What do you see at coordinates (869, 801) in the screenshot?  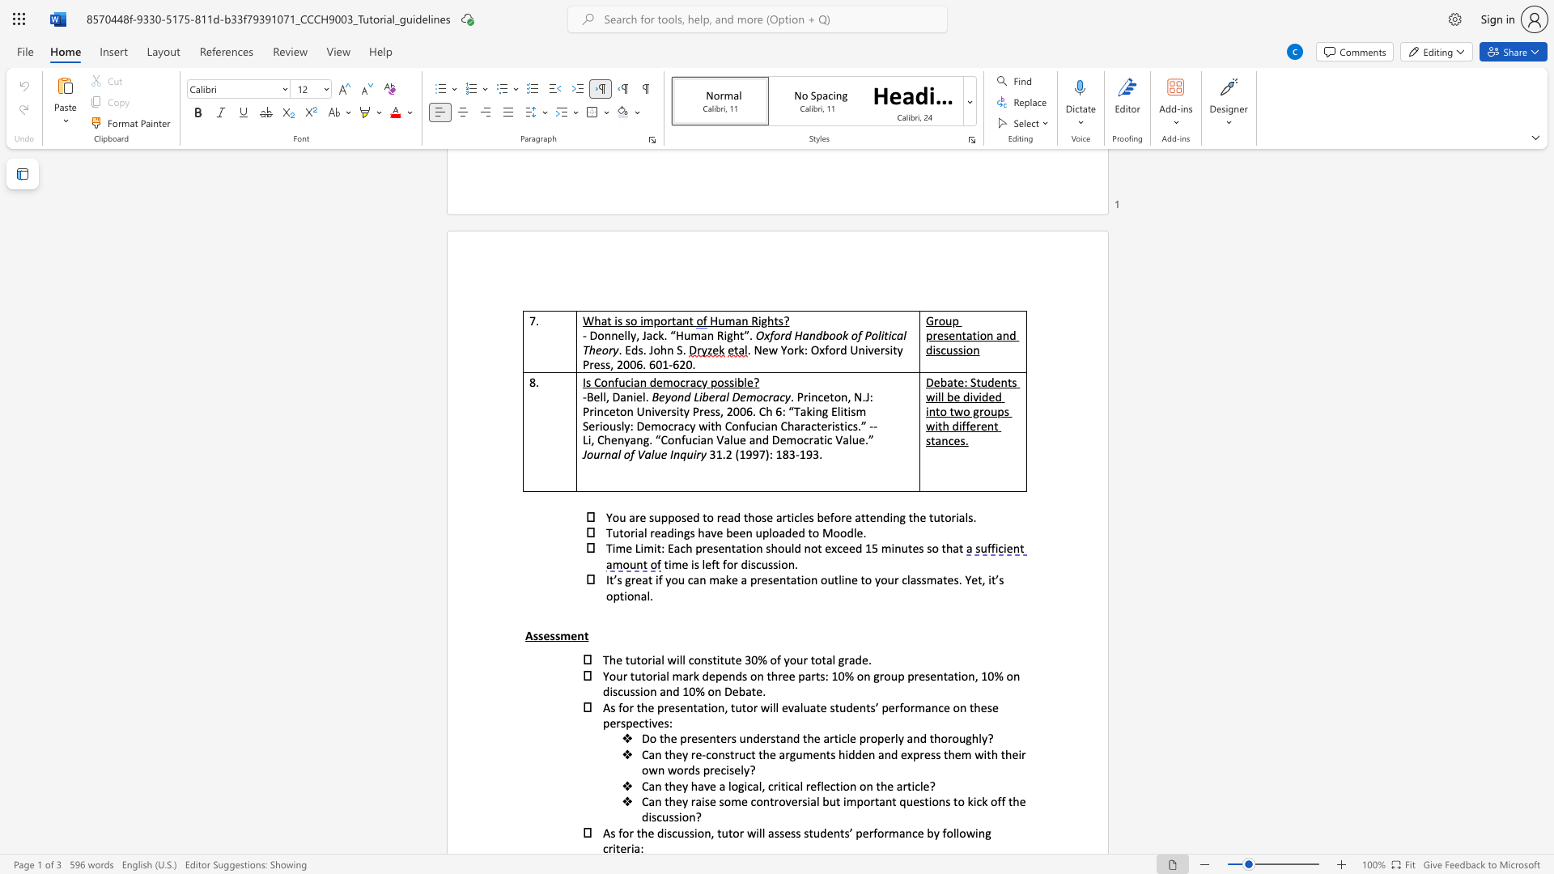 I see `the subset text "rtant questio" within the text "Can they raise some controversial but important questions to kick off the discussion?"` at bounding box center [869, 801].